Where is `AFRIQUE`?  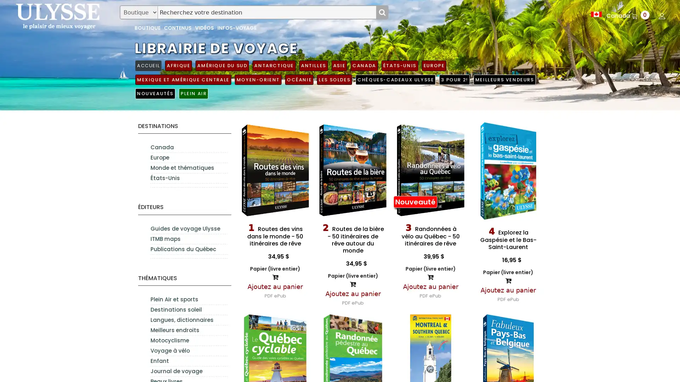
AFRIQUE is located at coordinates (178, 65).